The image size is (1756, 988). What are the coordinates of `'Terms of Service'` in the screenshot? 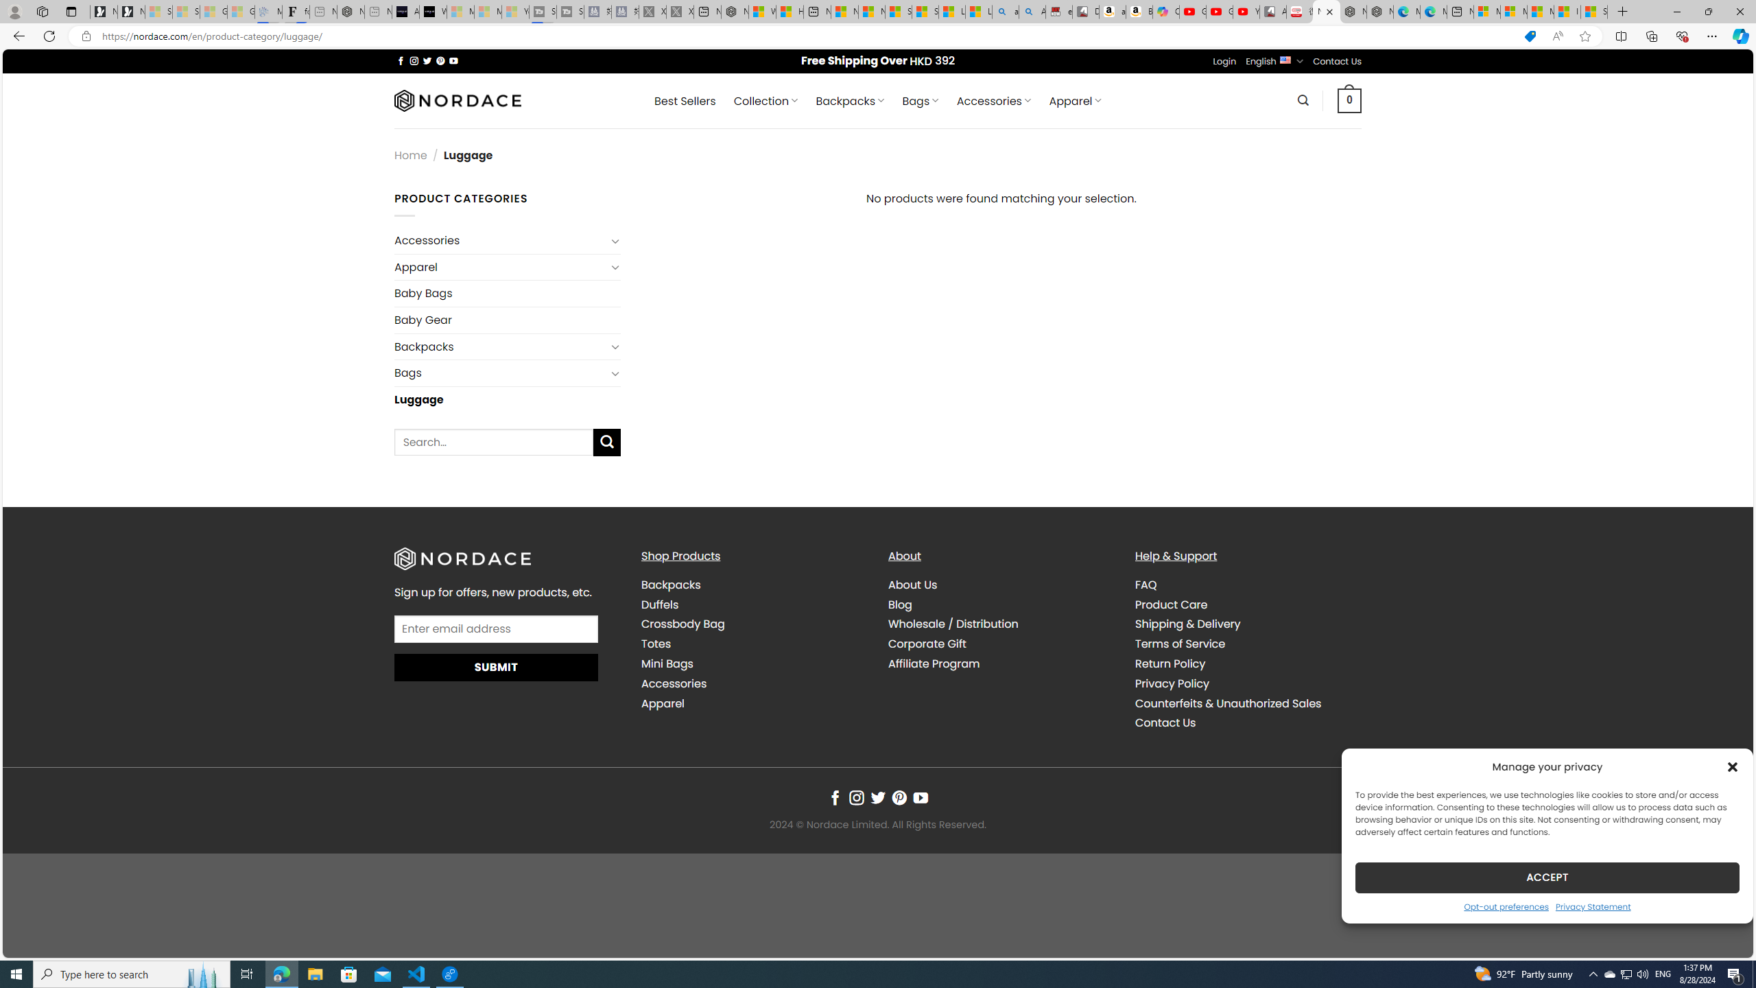 It's located at (1180, 644).